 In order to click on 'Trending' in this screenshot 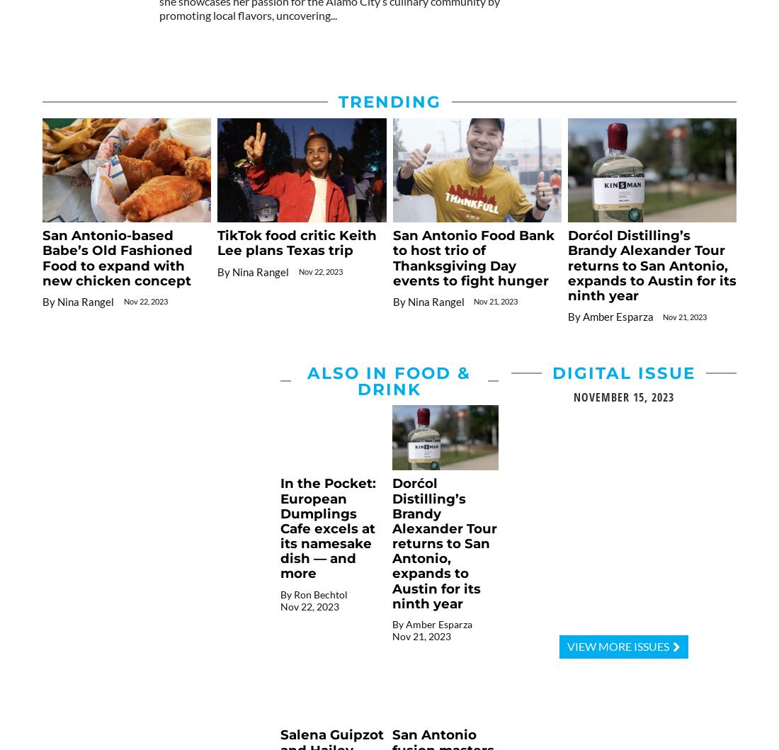, I will do `click(336, 101)`.